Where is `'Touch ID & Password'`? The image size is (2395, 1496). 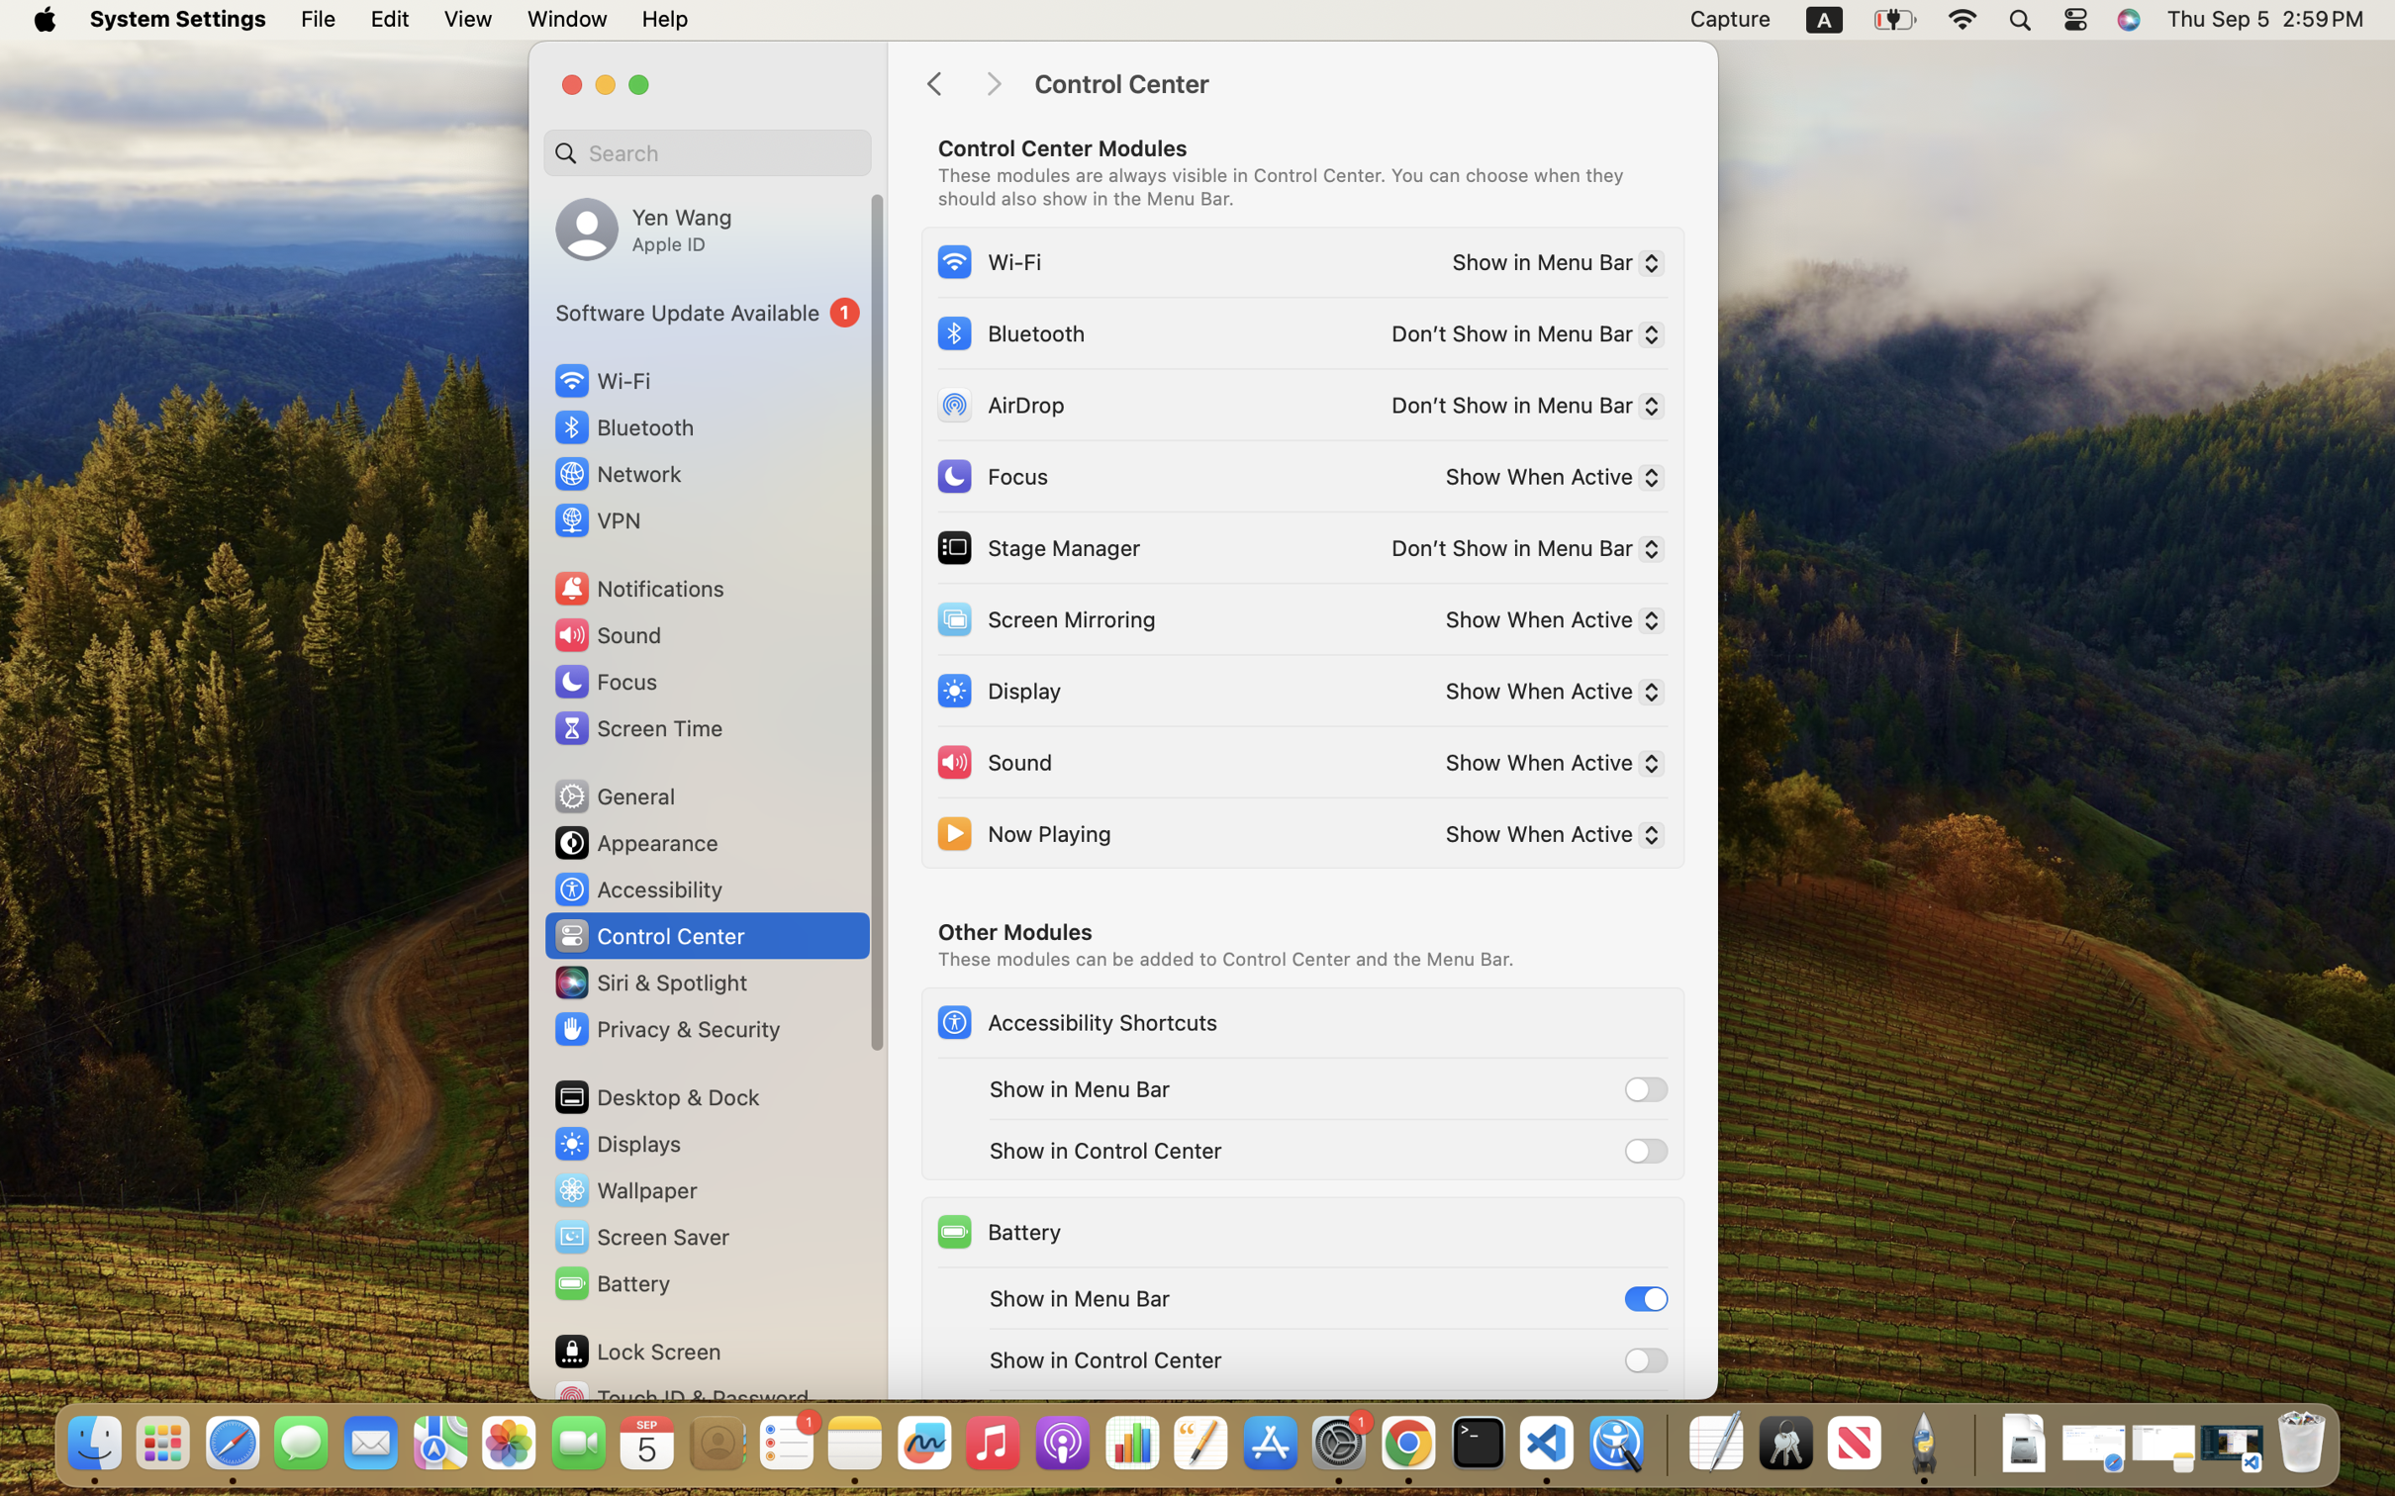 'Touch ID & Password' is located at coordinates (680, 1397).